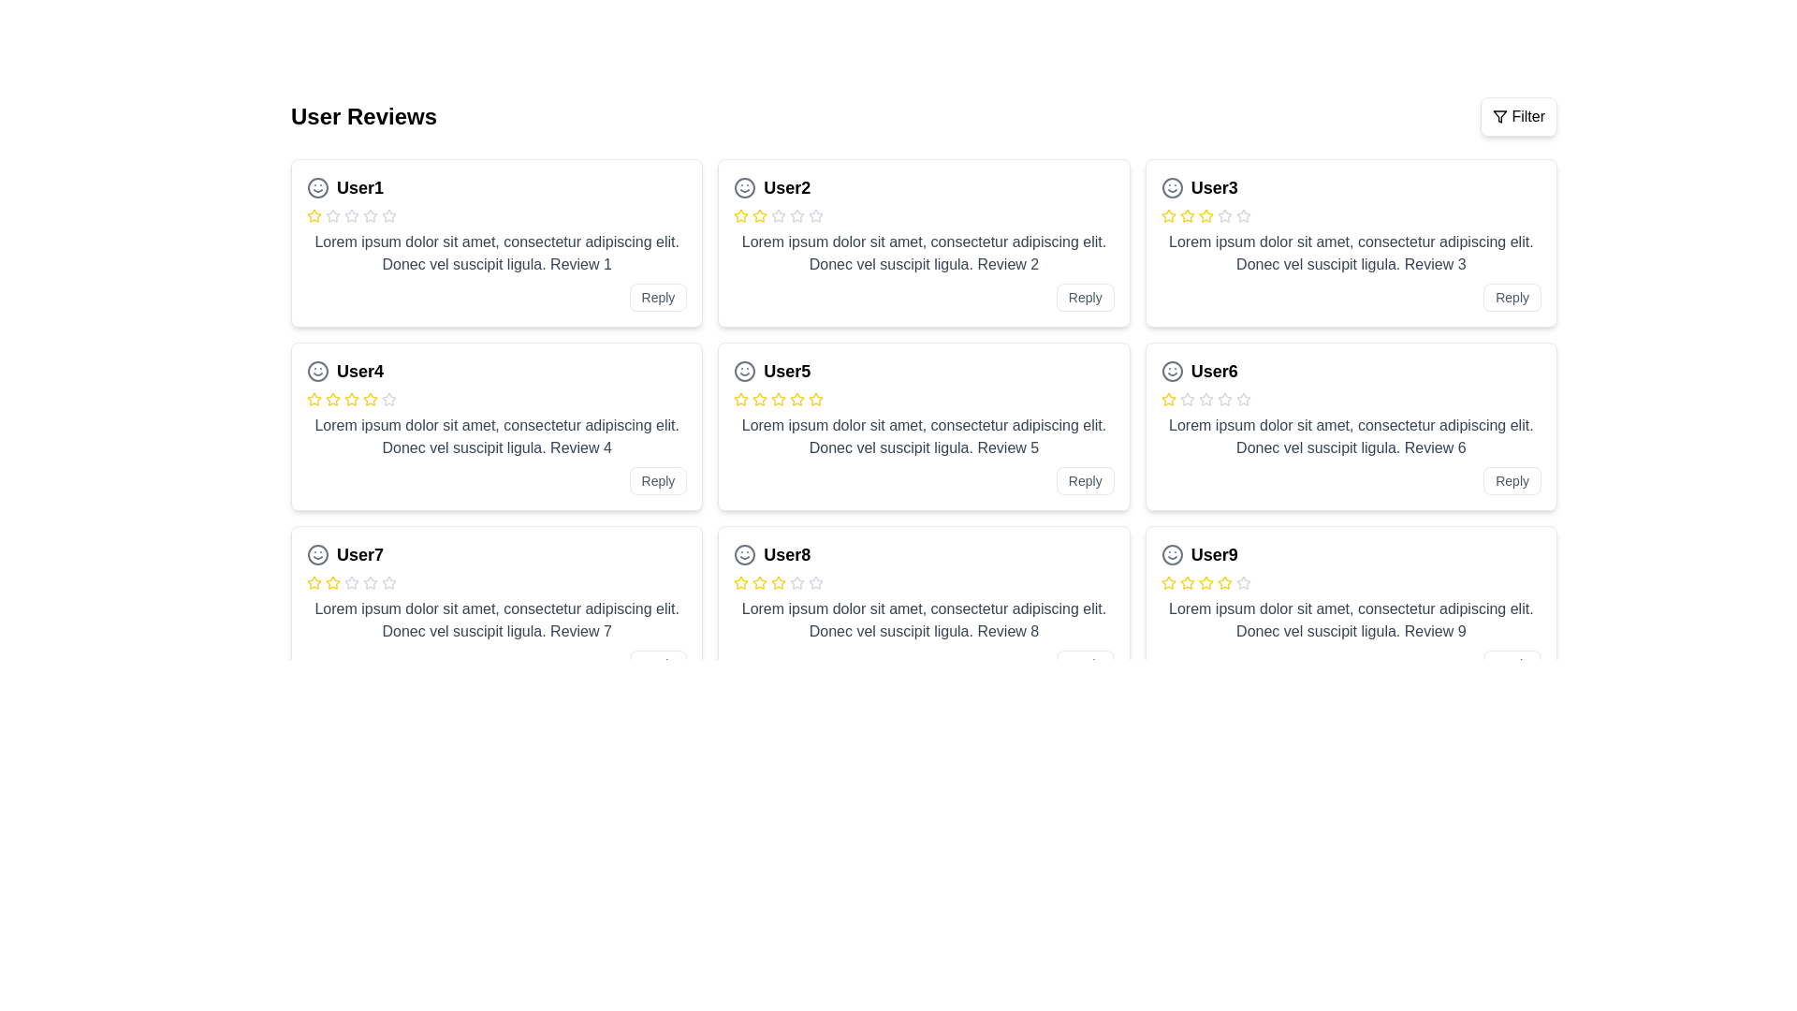 Image resolution: width=1797 pixels, height=1011 pixels. I want to click on the first yellow outlined star icon in the rating row of the review card for User8 to rate it, so click(740, 582).